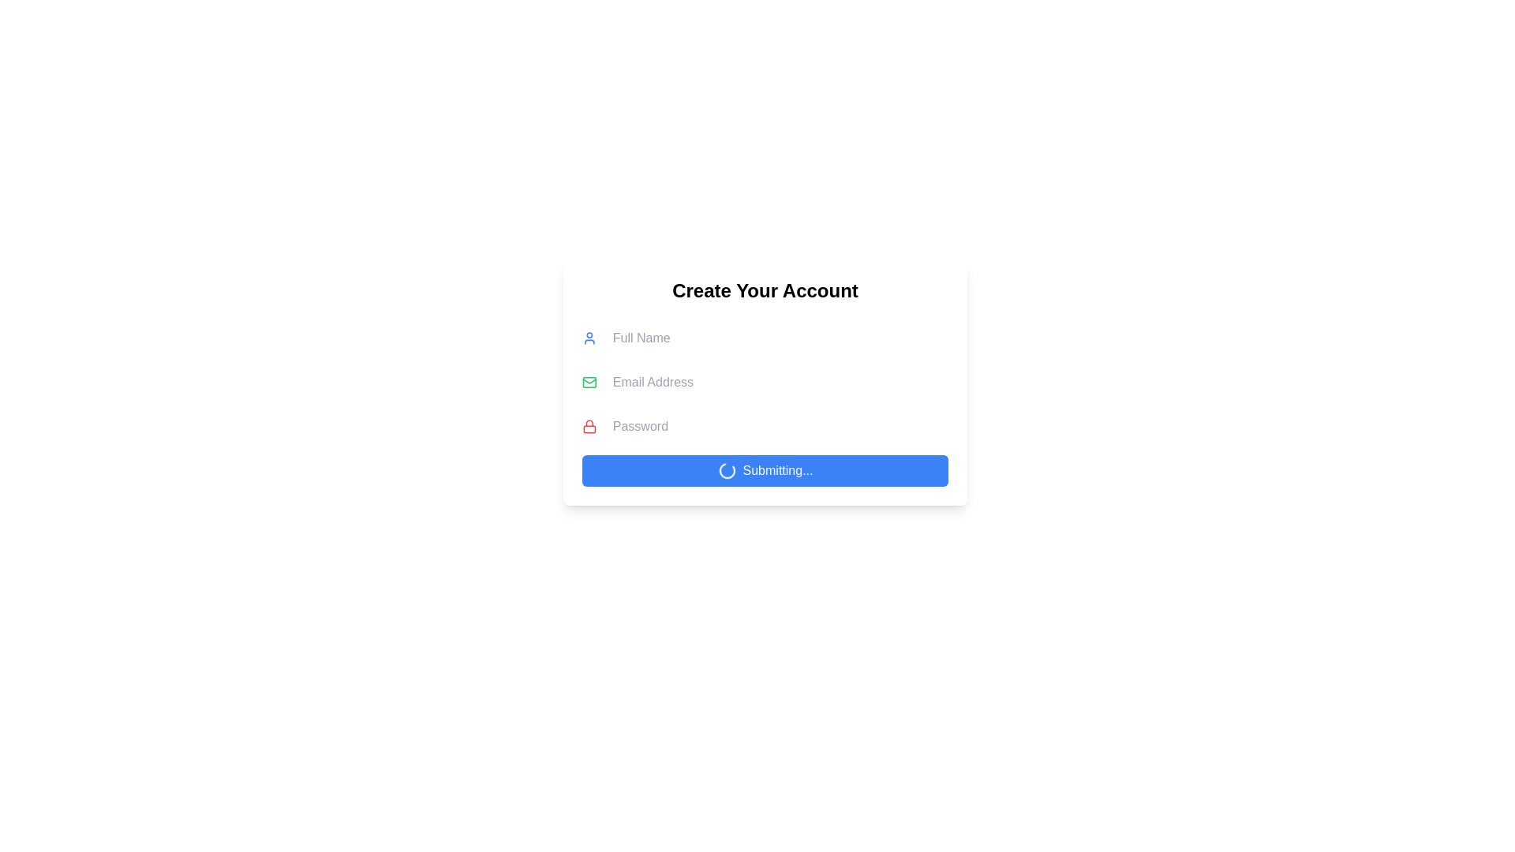 The width and height of the screenshot is (1515, 852). What do you see at coordinates (589, 337) in the screenshot?
I see `the user-profile icon that visually represents the adjacent 'Full Name' input field, located centrally in the 'Create Your Account' form` at bounding box center [589, 337].